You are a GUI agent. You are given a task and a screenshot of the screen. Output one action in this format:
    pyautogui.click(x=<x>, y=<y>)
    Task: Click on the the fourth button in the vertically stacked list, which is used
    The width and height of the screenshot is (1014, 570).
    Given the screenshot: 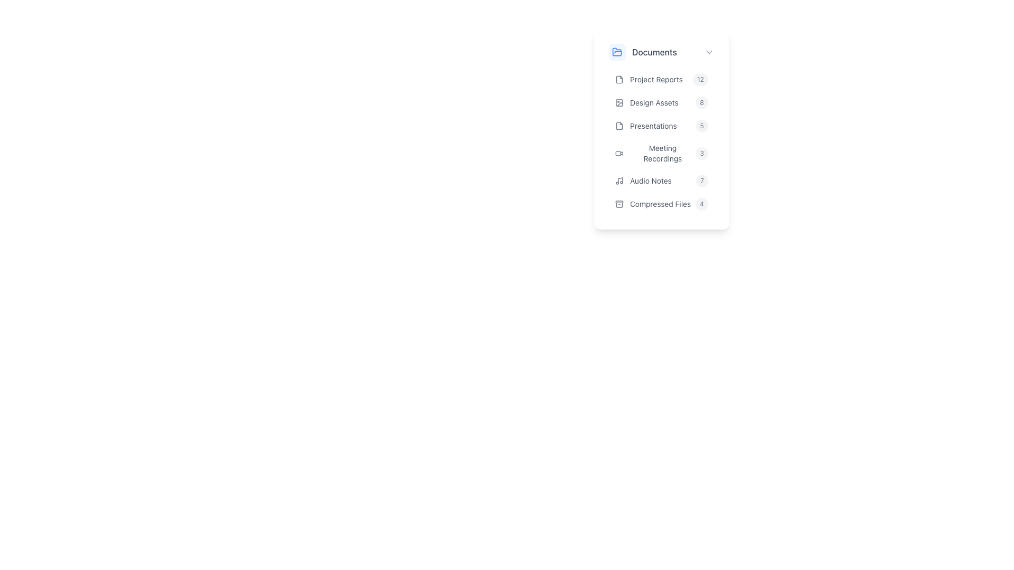 What is the action you would take?
    pyautogui.click(x=661, y=153)
    